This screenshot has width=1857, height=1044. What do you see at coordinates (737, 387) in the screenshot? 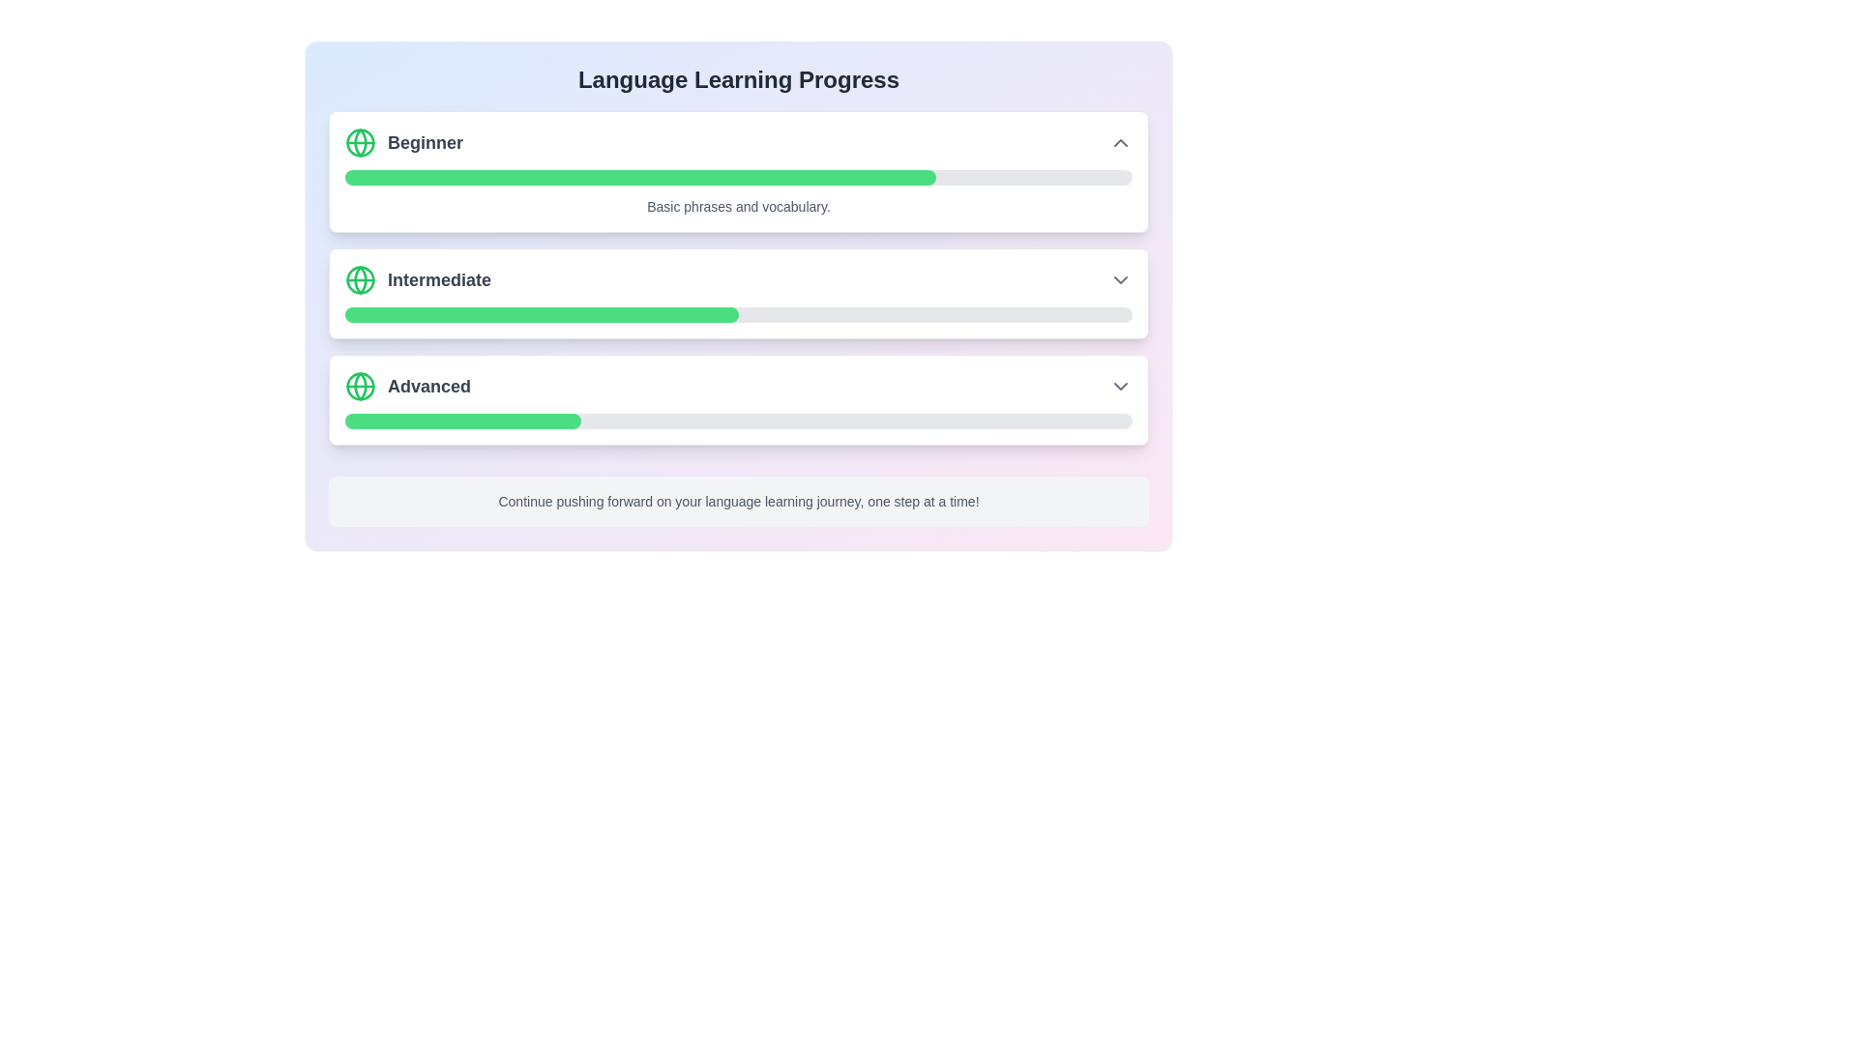
I see `the 'Advanced' level list item in the language learning progress tracker` at bounding box center [737, 387].